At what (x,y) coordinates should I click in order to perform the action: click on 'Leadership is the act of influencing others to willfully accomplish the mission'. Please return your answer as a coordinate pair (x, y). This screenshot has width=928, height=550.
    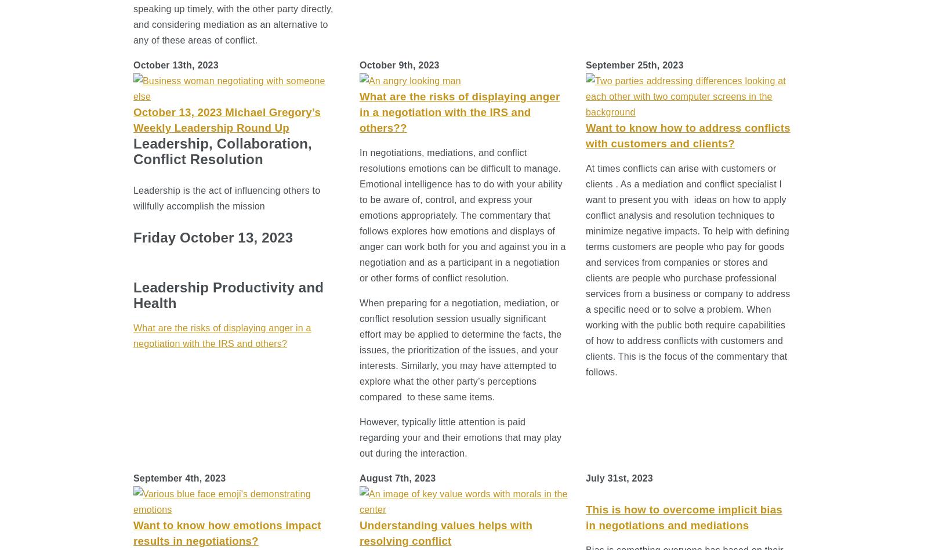
    Looking at the image, I should click on (227, 198).